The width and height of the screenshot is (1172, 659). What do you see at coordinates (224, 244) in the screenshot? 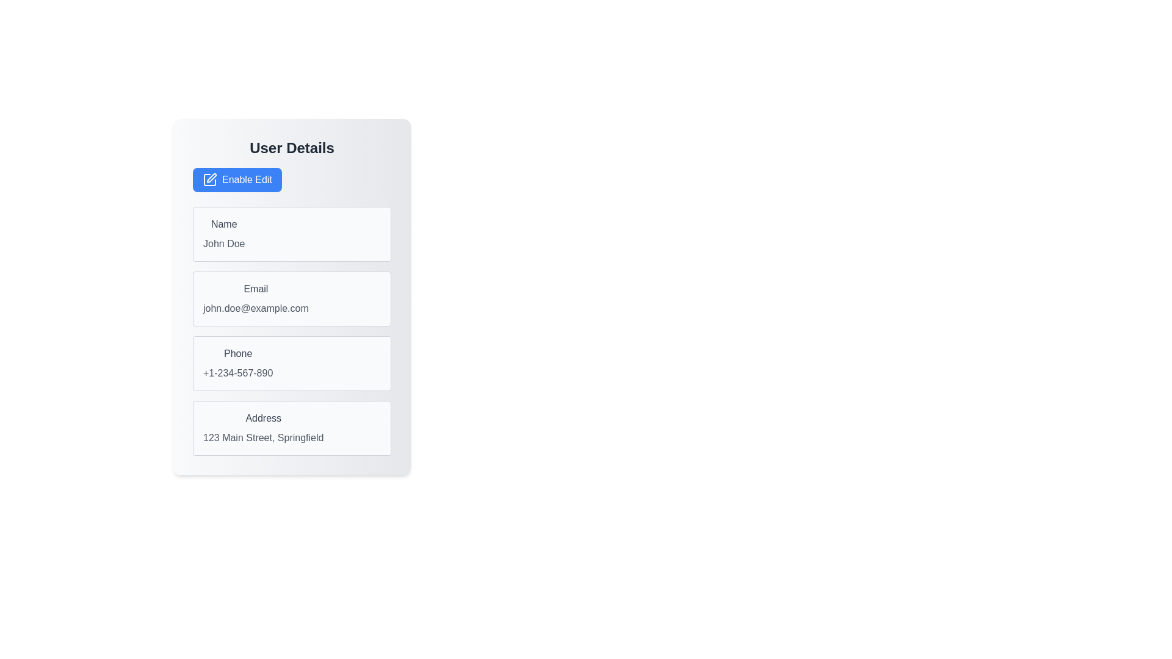
I see `the static text element displaying a person's name, located under the 'Name' label in the top-left portion of the layout` at bounding box center [224, 244].